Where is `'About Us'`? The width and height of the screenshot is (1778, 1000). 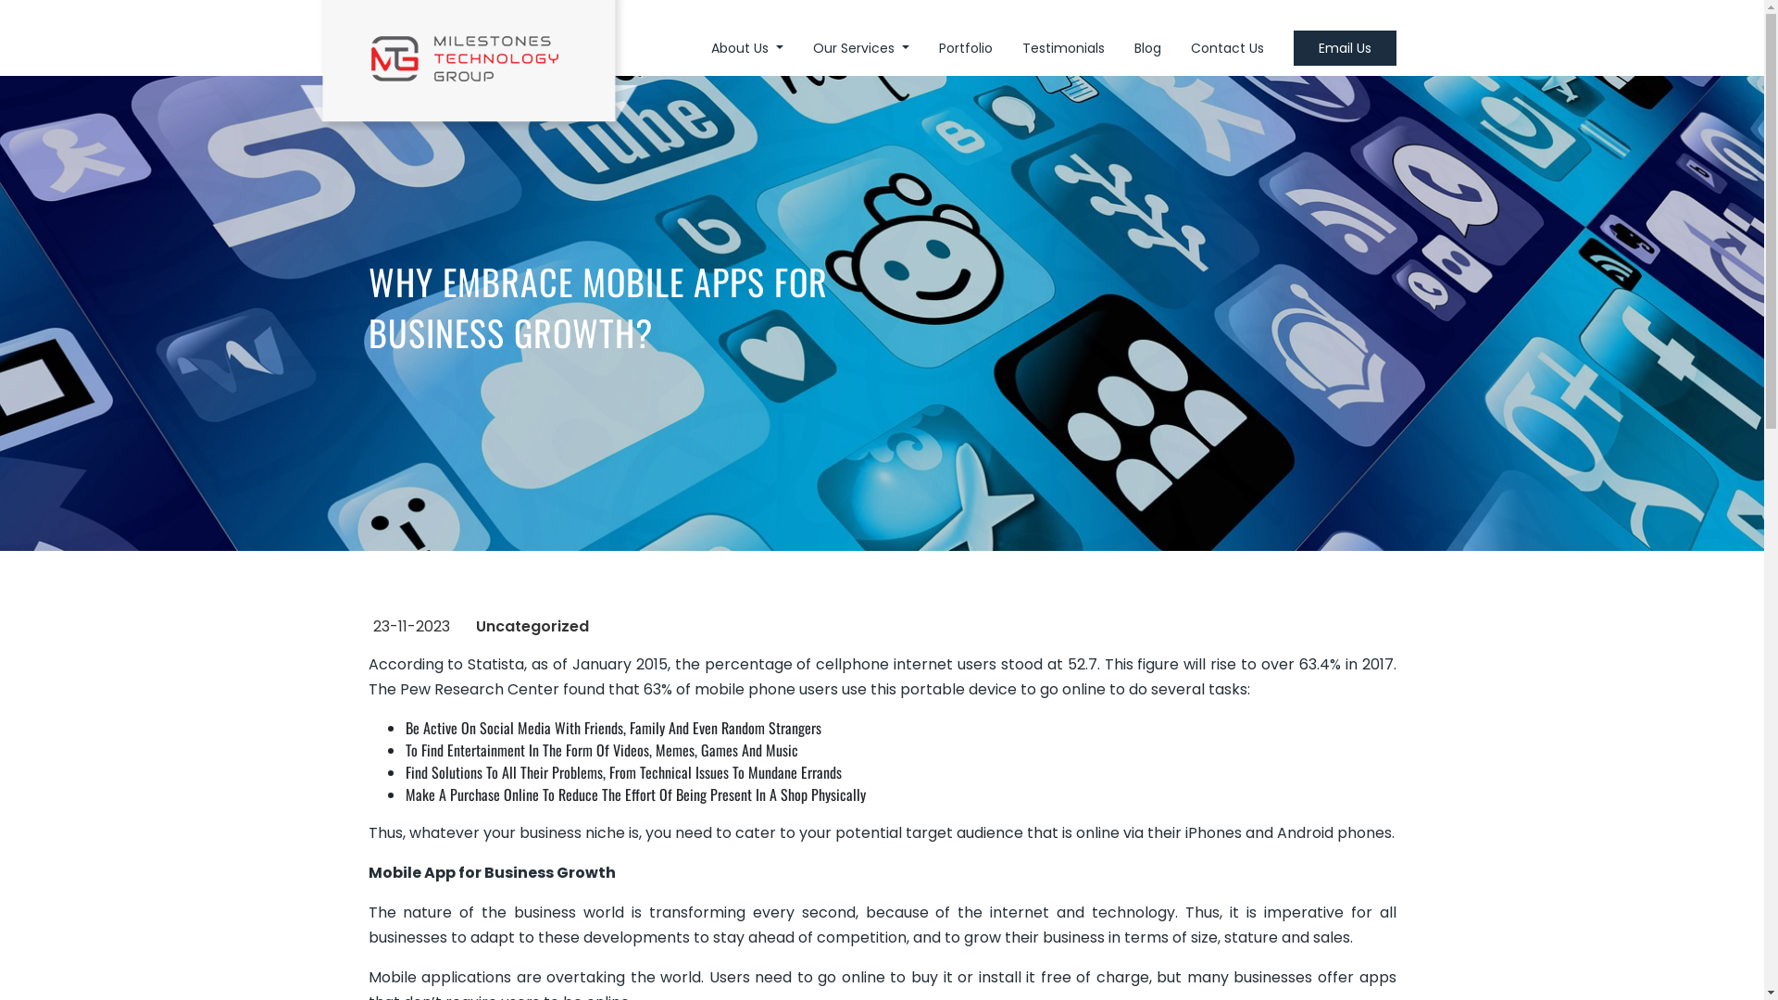 'About Us' is located at coordinates (746, 46).